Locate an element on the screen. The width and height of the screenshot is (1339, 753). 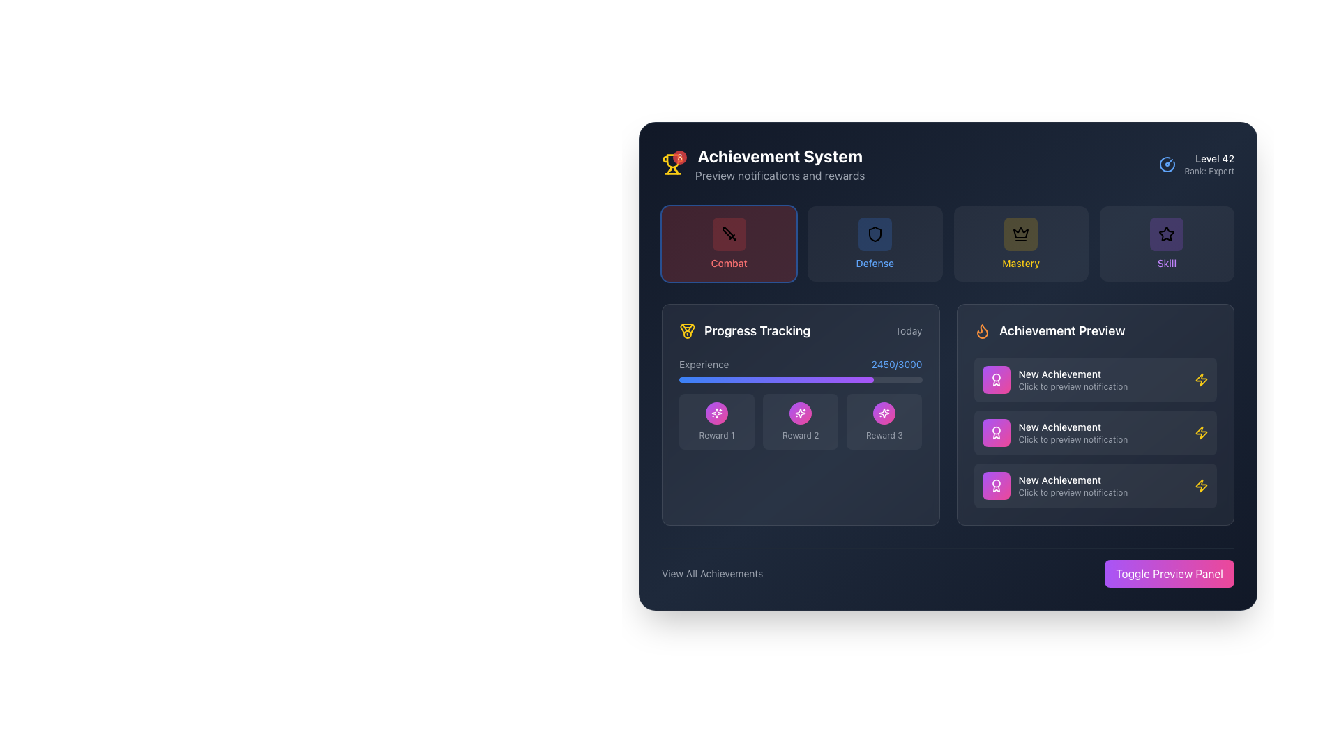
the 'New Achievement' text label displayed in a medium, white-colored font within the dark-themed card layout of the 'Achievement Preview' section is located at coordinates (1101, 427).